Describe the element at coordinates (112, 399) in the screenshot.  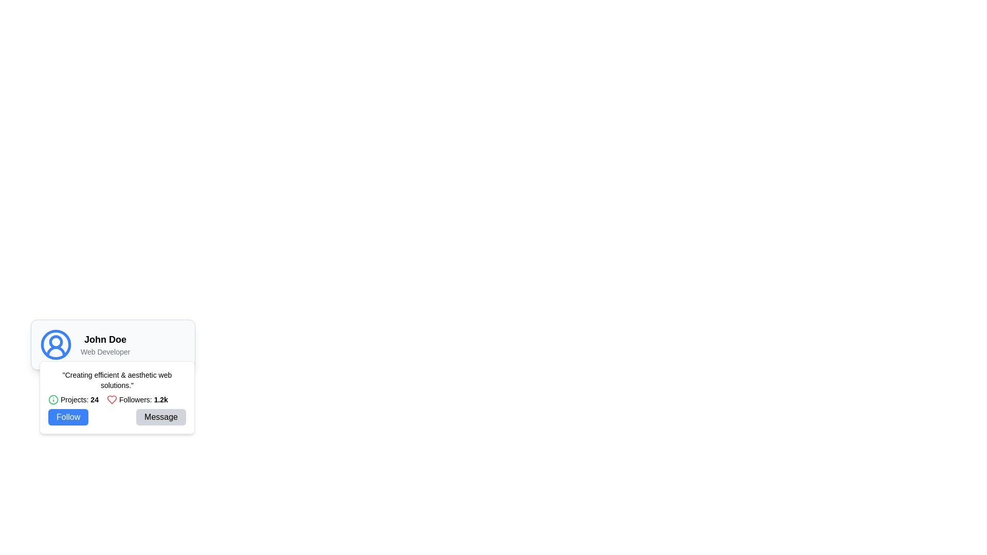
I see `the heart-shaped icon with a red fill located in the 'Followers: 1.2k' section` at that location.